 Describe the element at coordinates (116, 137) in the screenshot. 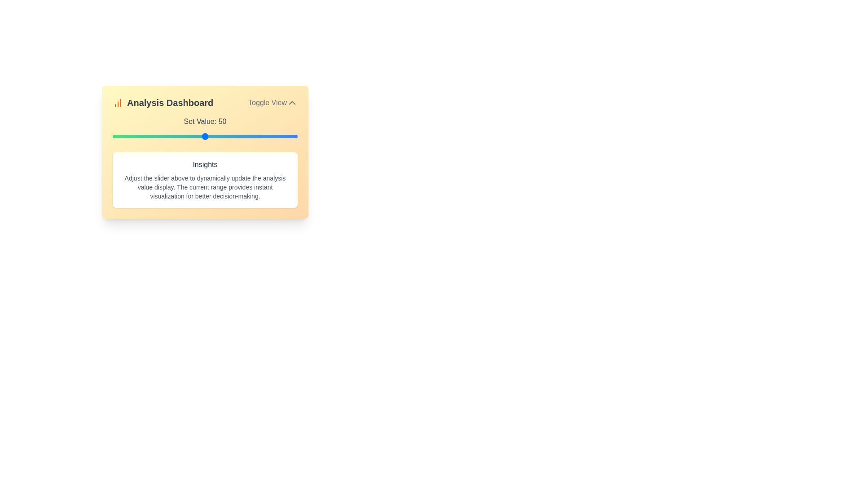

I see `the slider to set the value to 2` at that location.